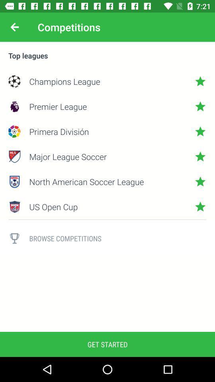 This screenshot has height=382, width=215. I want to click on premier league icon, so click(107, 106).